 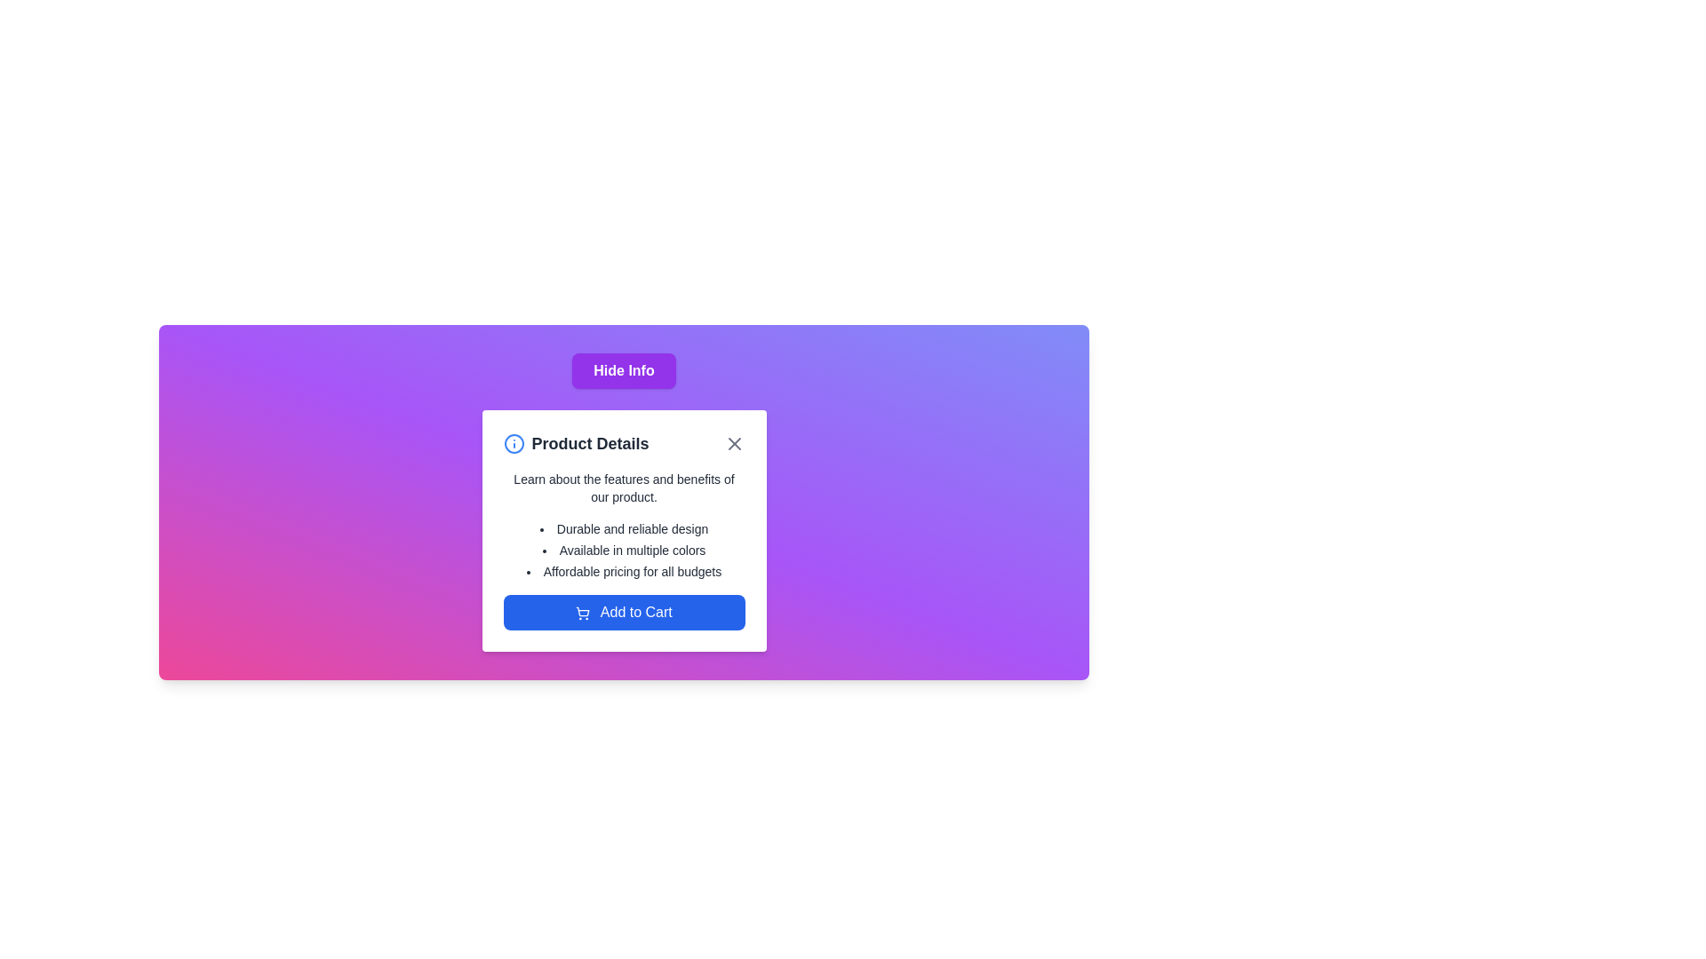 What do you see at coordinates (583, 612) in the screenshot?
I see `the small blue shopping cart icon located on the left side inside the 'Add to Cart' button` at bounding box center [583, 612].